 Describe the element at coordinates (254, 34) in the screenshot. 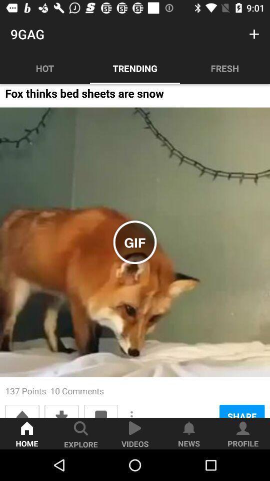

I see `the item to the right of 9gag icon` at that location.